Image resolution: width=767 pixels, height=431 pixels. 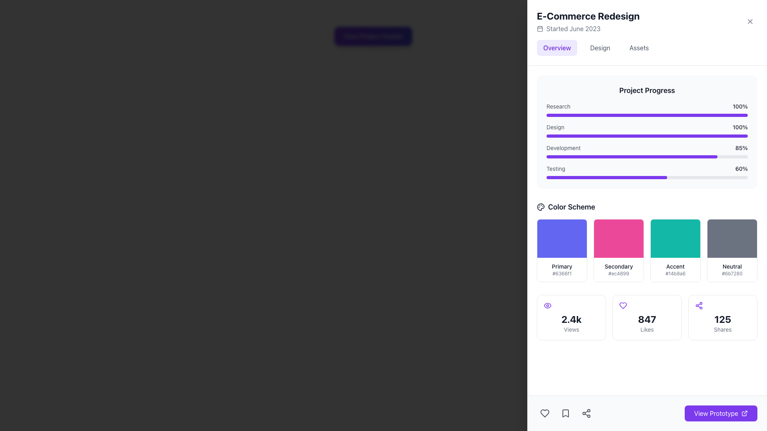 I want to click on the Progress Bar indicating 'Testing' with a progress value of 60%, which is the fourth progress bar in the 'Project Progress' panel, so click(x=647, y=177).